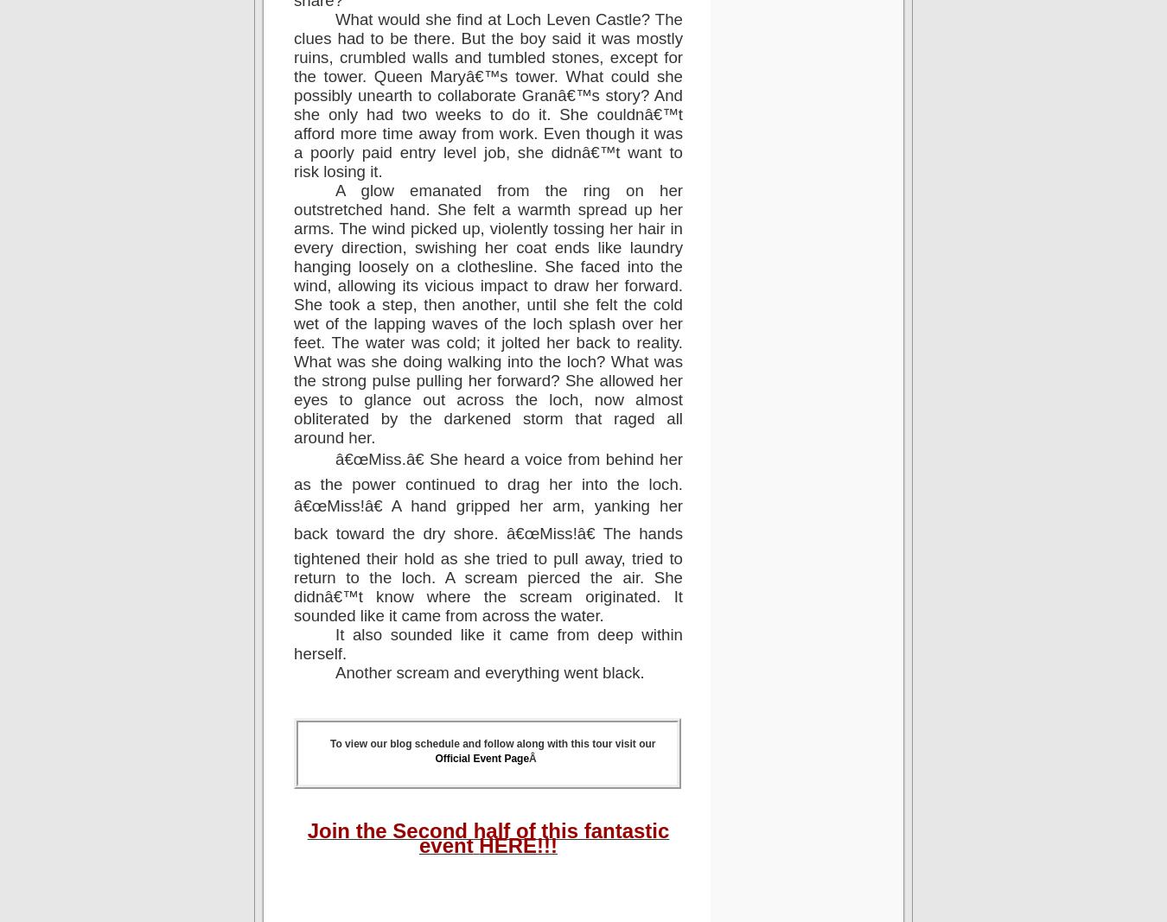  I want to click on 'Join the Second half', so click(411, 830).